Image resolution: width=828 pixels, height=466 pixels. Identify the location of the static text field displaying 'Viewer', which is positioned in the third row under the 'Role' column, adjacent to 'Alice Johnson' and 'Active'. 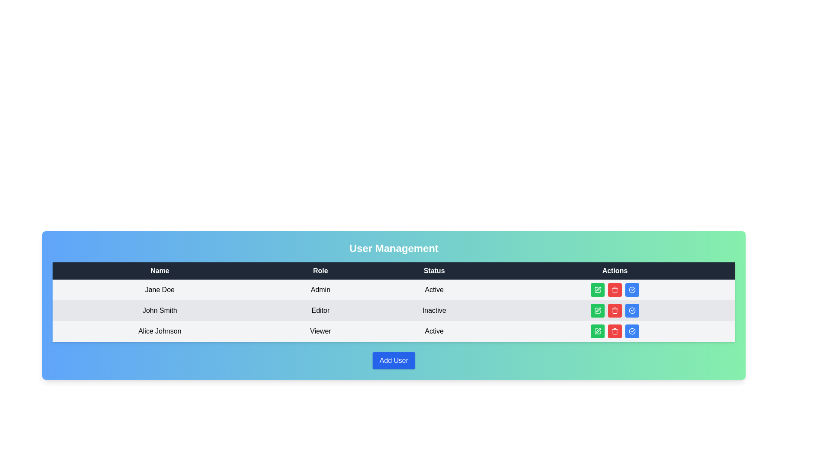
(320, 331).